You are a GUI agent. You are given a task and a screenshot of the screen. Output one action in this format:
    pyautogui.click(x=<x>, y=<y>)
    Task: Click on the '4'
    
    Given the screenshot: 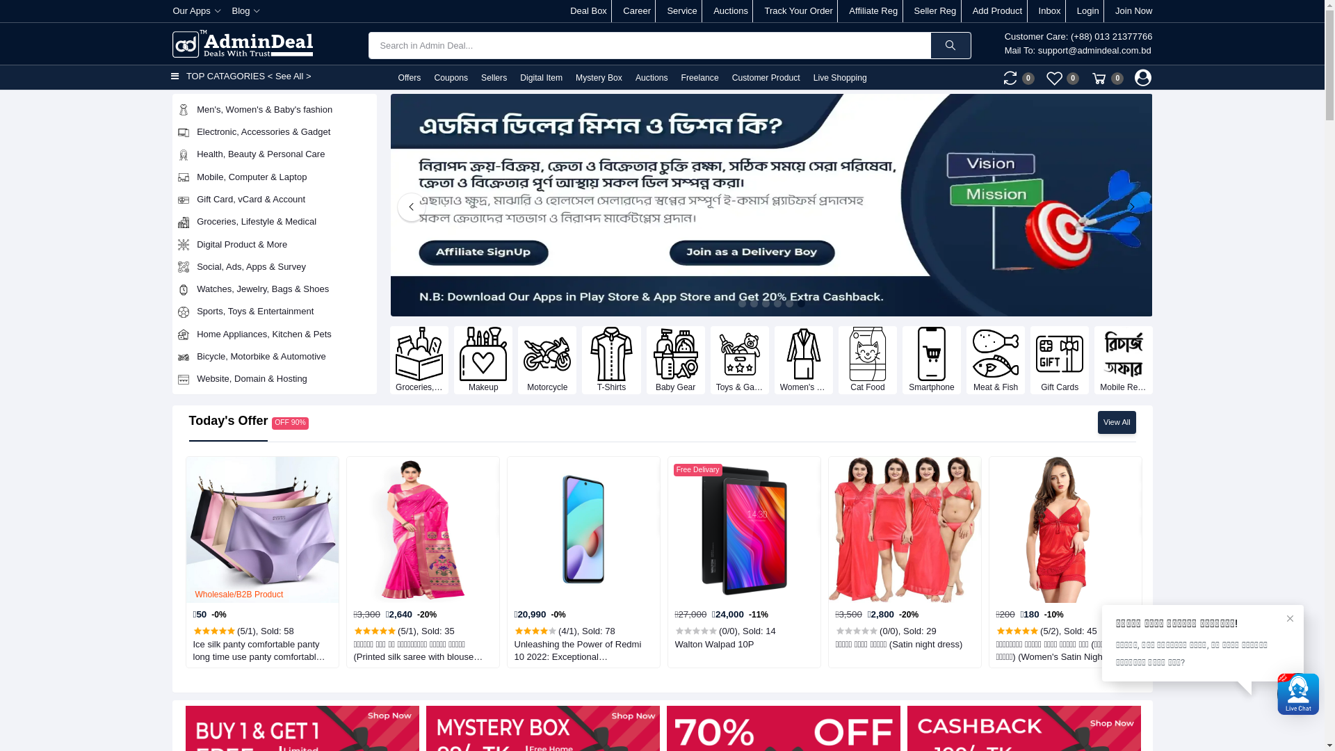 What is the action you would take?
    pyautogui.click(x=773, y=302)
    